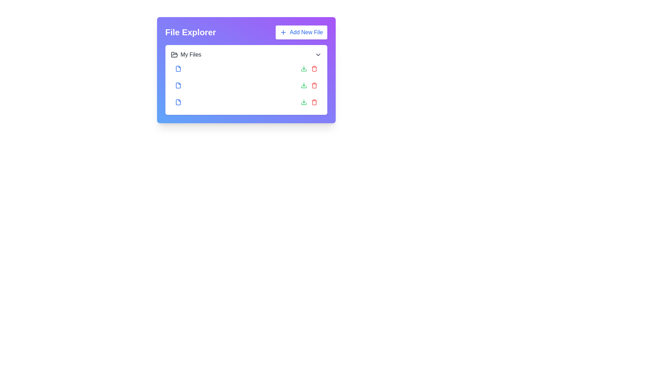  What do you see at coordinates (178, 102) in the screenshot?
I see `the file icon representing 'Presentation.pptx' in the file explorer` at bounding box center [178, 102].